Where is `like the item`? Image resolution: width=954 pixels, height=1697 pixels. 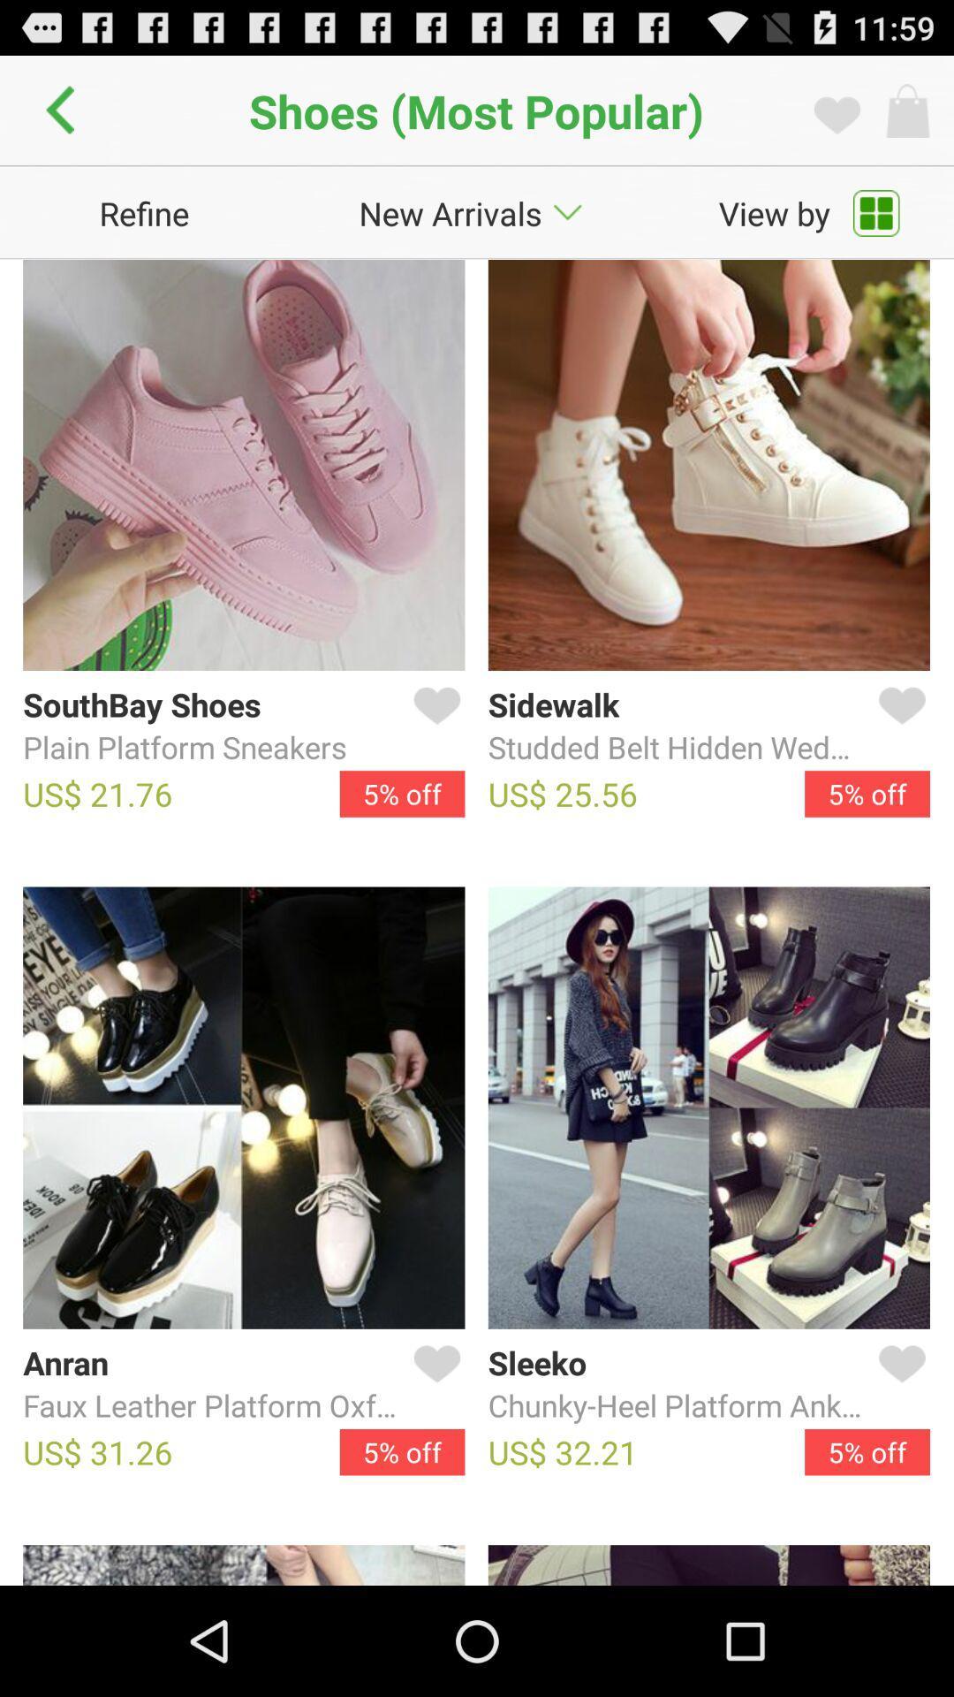
like the item is located at coordinates (898, 727).